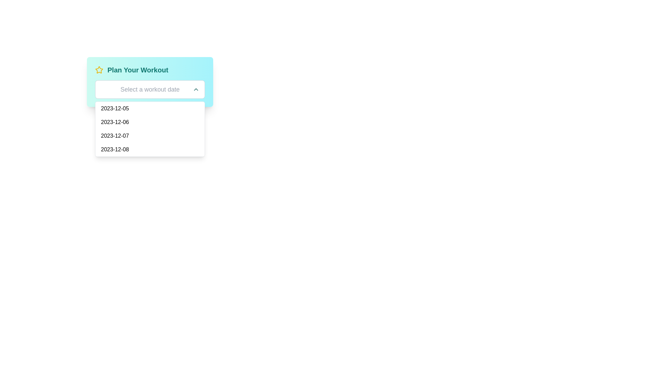 This screenshot has height=369, width=657. Describe the element at coordinates (195, 89) in the screenshot. I see `the Icon Button for collapsing the dropdown menu in the date picker component` at that location.